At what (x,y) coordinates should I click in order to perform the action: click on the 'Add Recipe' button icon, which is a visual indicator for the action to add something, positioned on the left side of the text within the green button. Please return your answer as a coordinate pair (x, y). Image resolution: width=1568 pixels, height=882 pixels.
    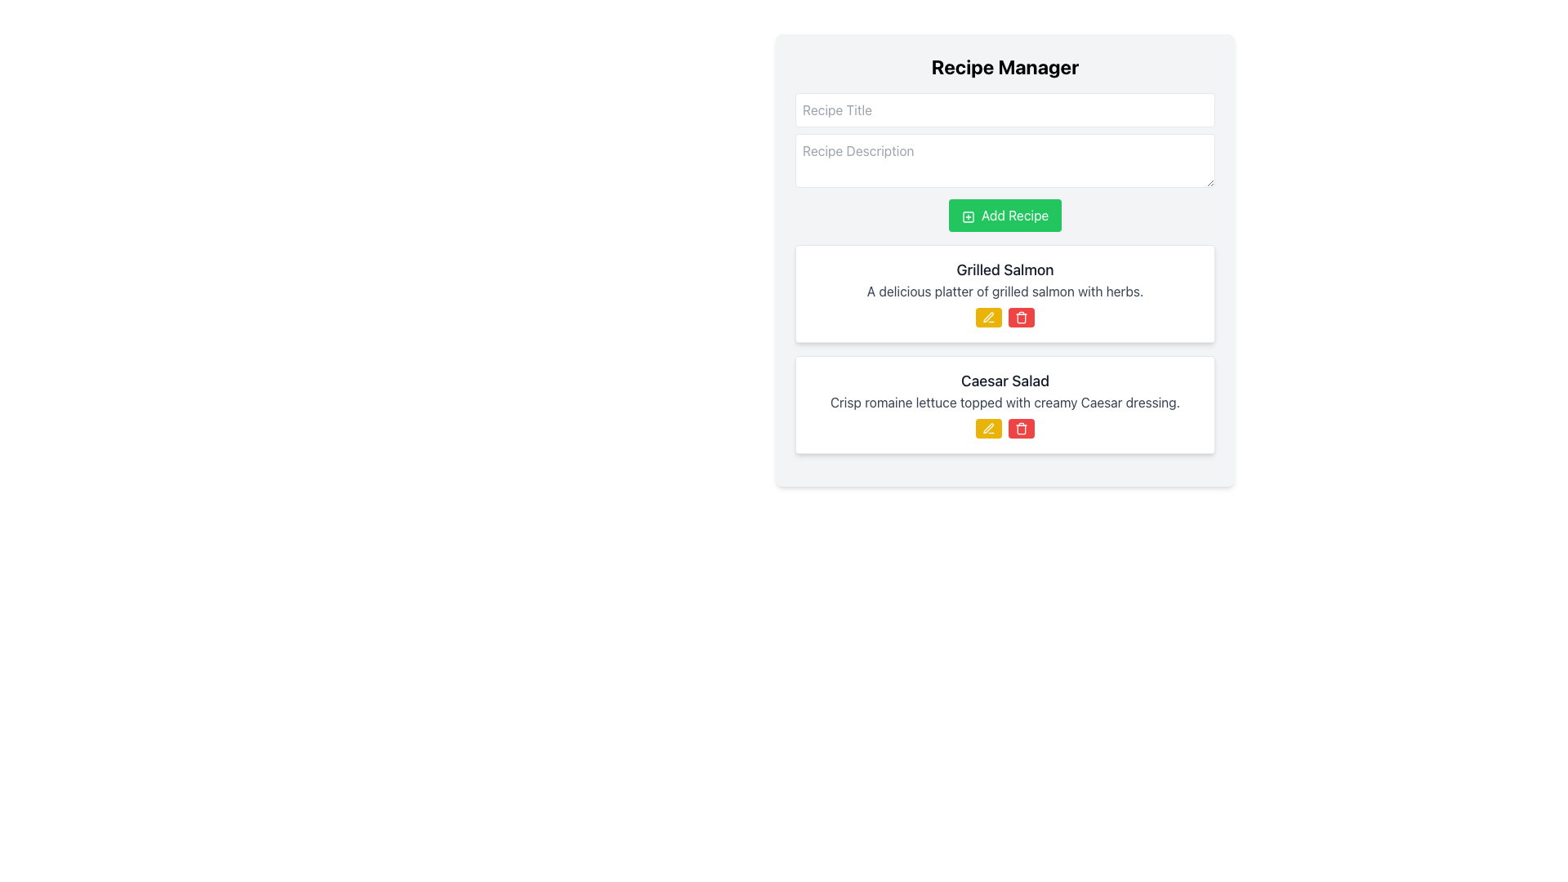
    Looking at the image, I should click on (968, 216).